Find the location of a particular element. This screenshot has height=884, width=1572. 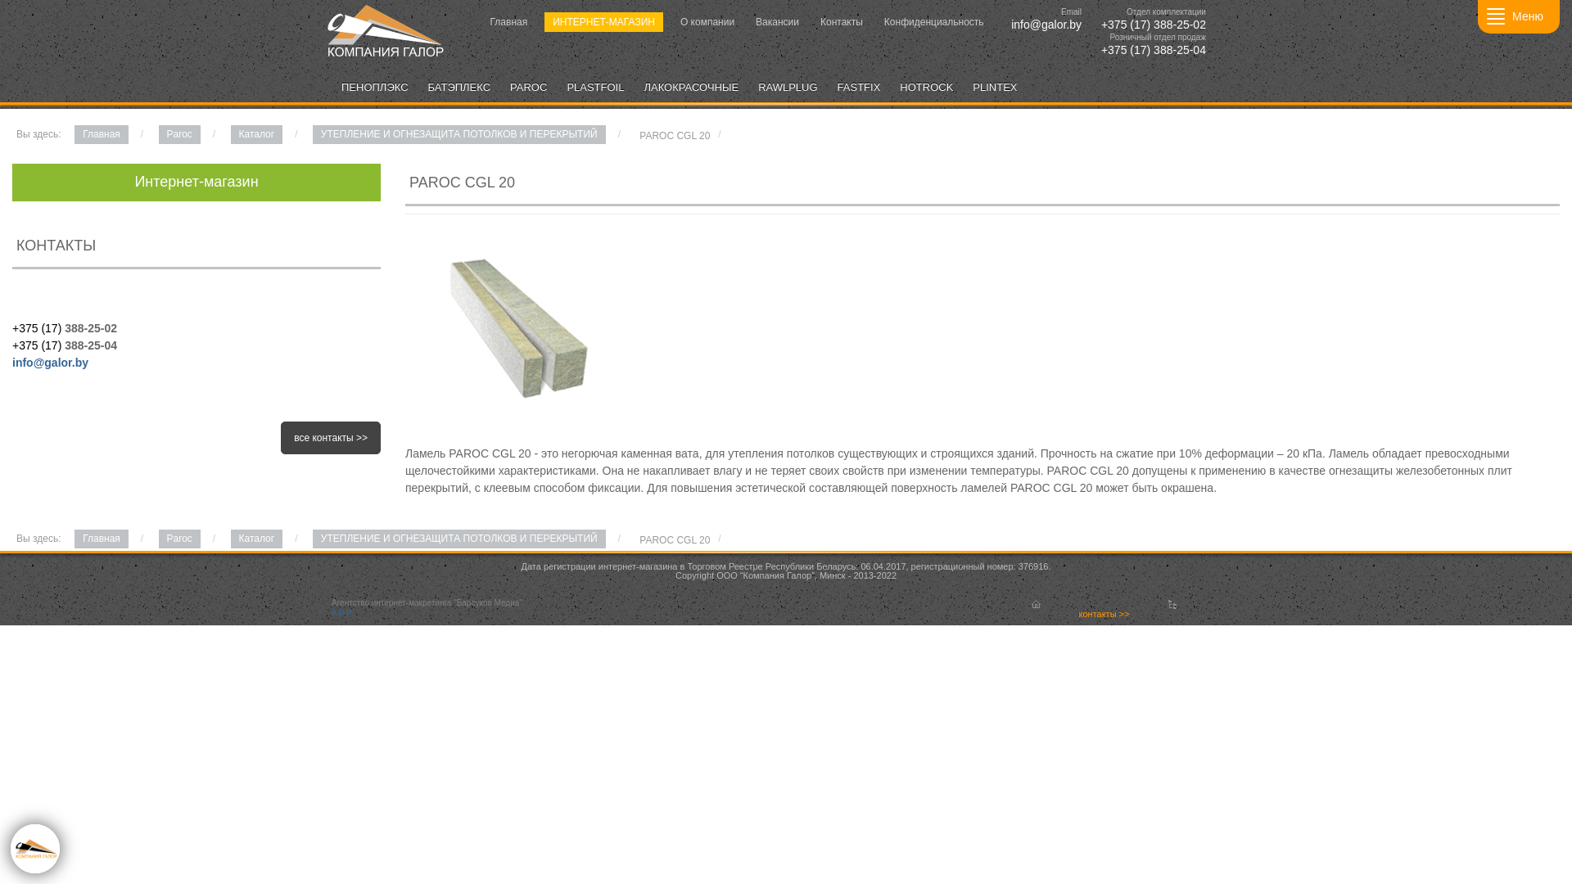

'RAWLPLUG' is located at coordinates (787, 88).